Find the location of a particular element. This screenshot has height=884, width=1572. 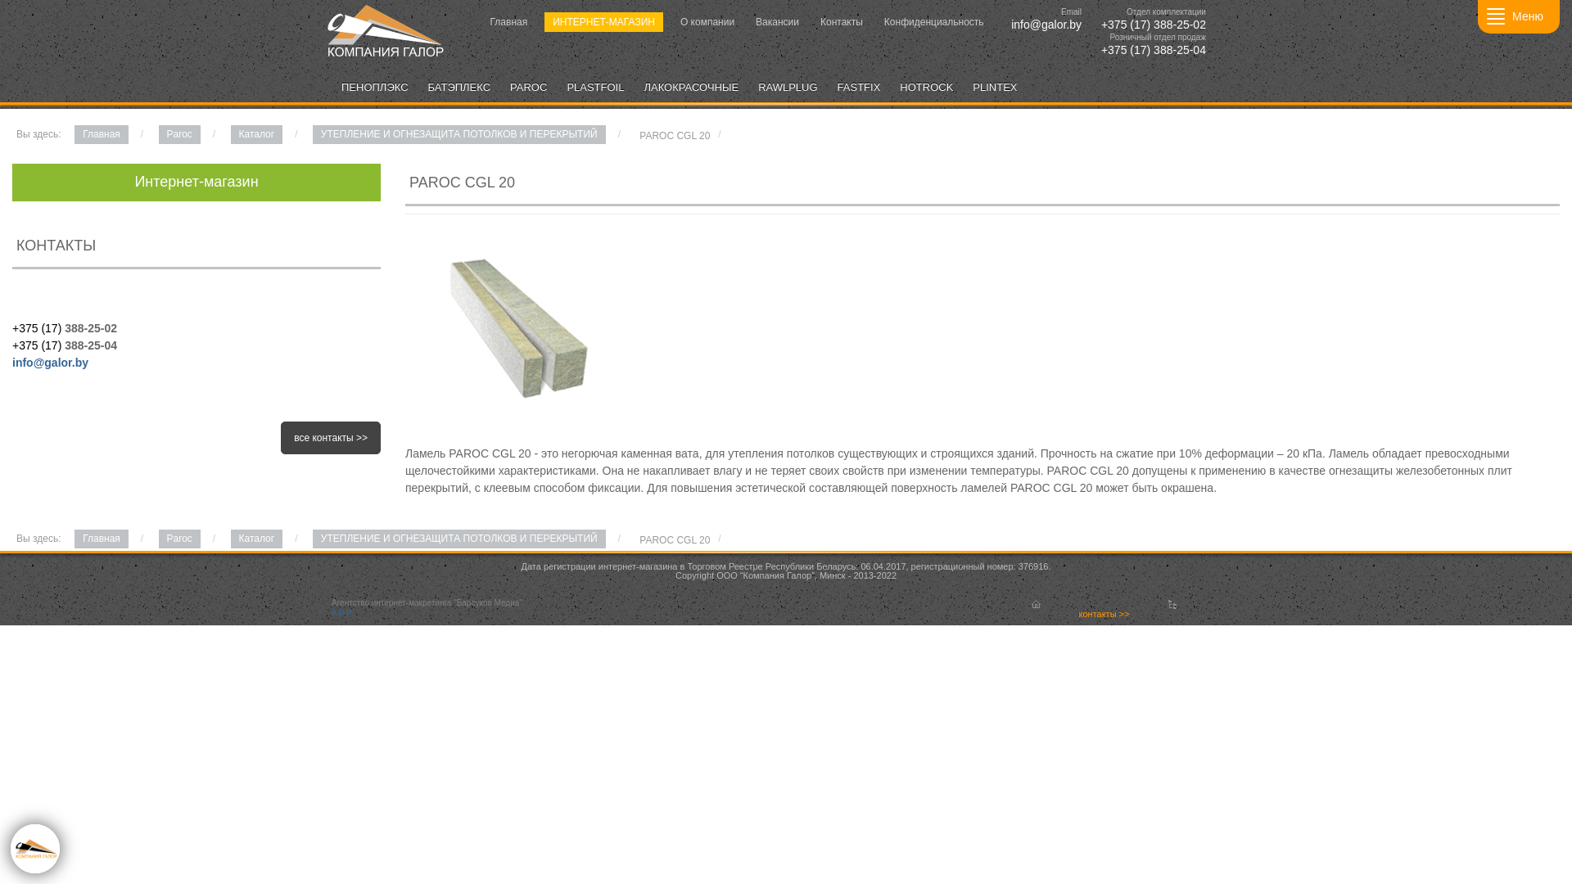

'RAWLPLUG' is located at coordinates (787, 88).